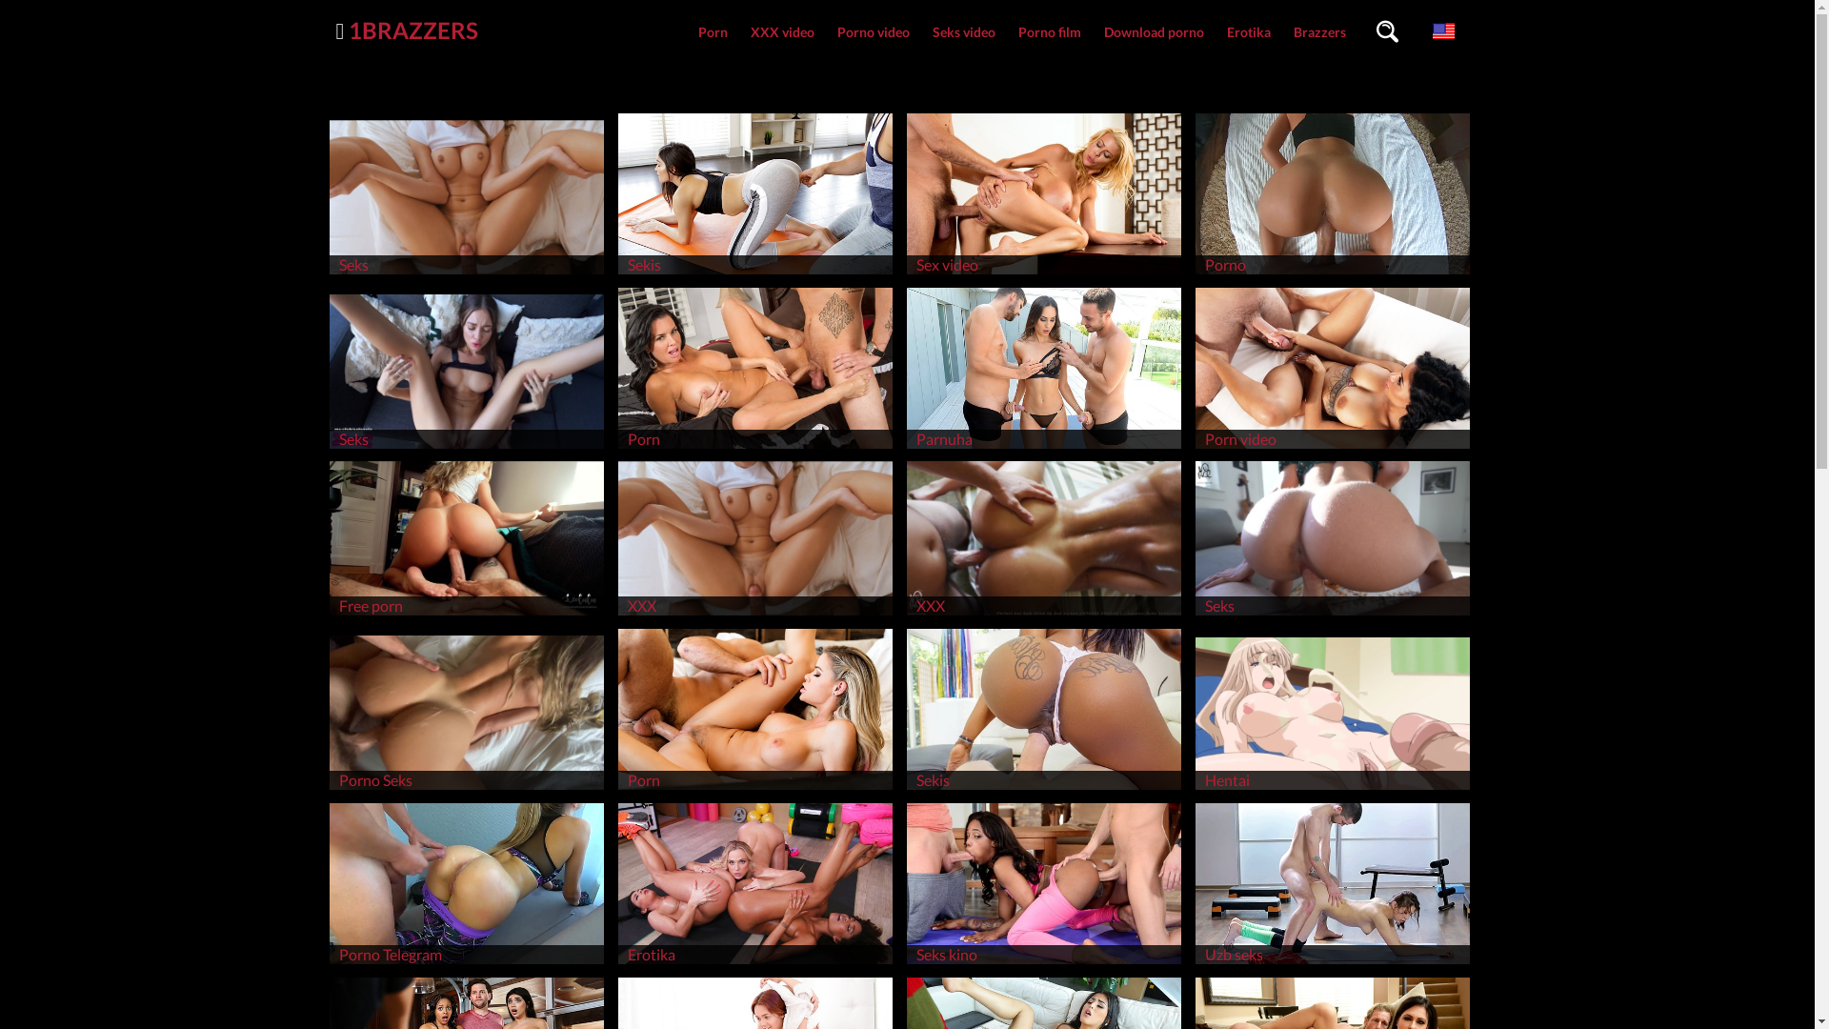 The width and height of the screenshot is (1829, 1029). Describe the element at coordinates (711, 32) in the screenshot. I see `'Porn'` at that location.